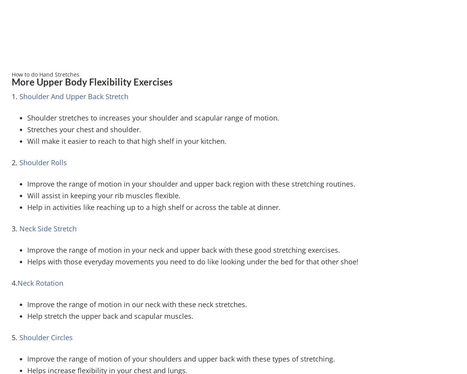 The image size is (467, 374). Describe the element at coordinates (46, 336) in the screenshot. I see `'Shoulder Circles'` at that location.